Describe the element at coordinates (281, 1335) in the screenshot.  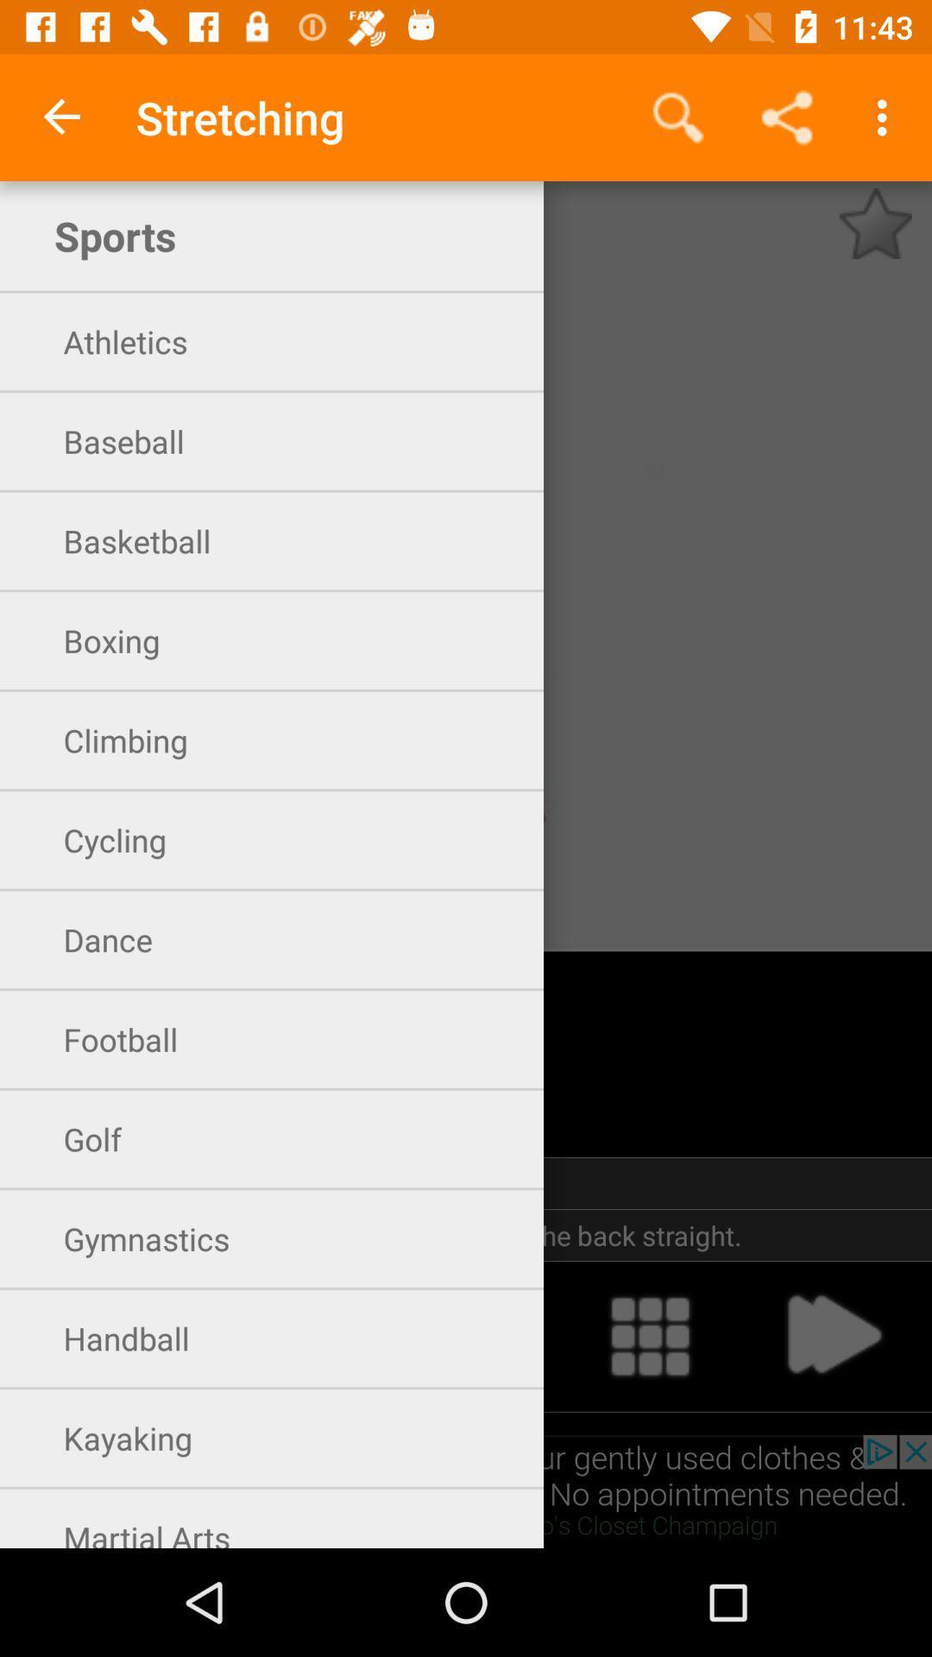
I see `the icon below the gymnastics` at that location.